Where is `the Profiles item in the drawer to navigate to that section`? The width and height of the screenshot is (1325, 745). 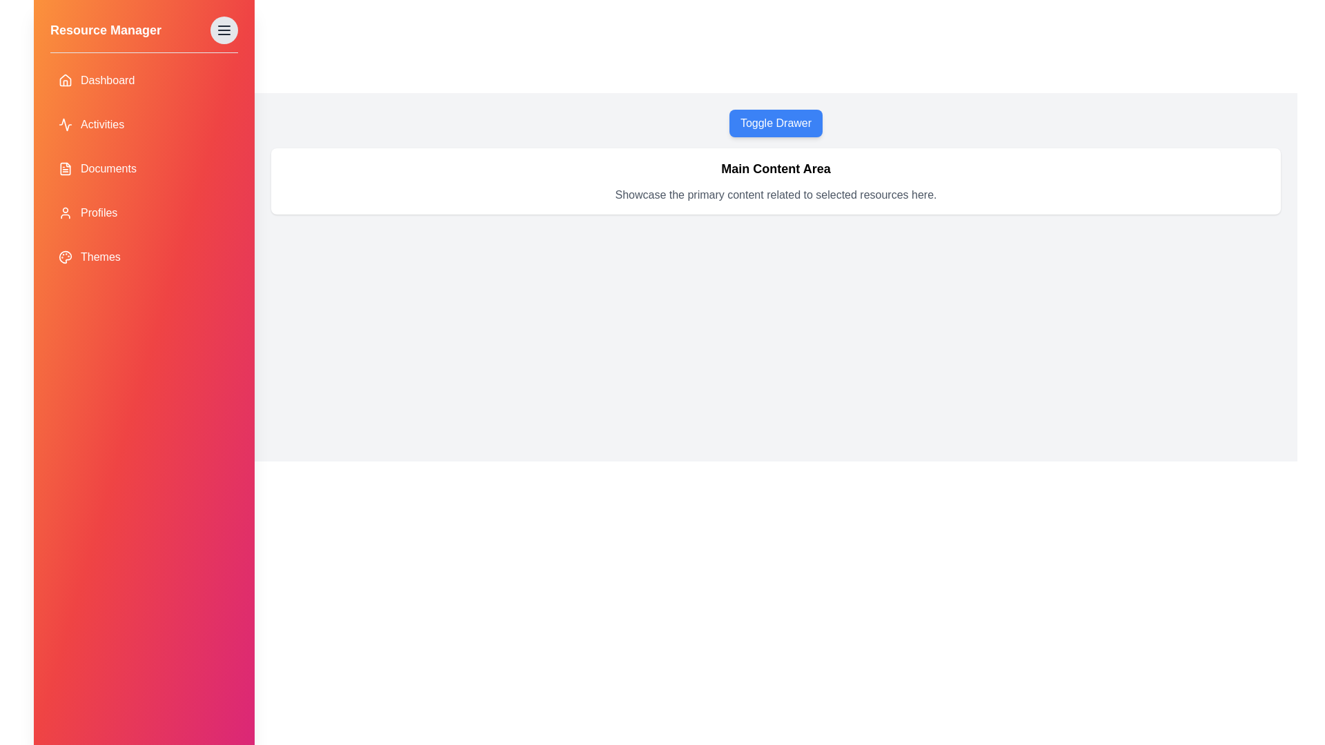
the Profiles item in the drawer to navigate to that section is located at coordinates (144, 212).